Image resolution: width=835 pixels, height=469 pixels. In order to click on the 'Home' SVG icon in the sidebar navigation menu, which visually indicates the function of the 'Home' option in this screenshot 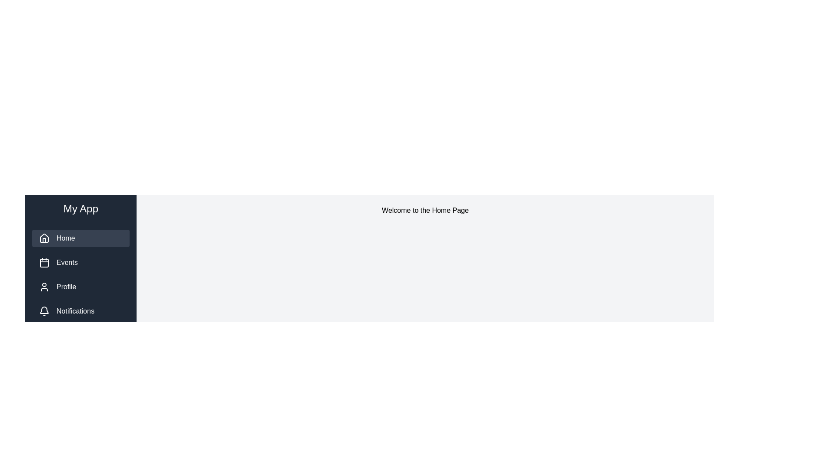, I will do `click(43, 238)`.